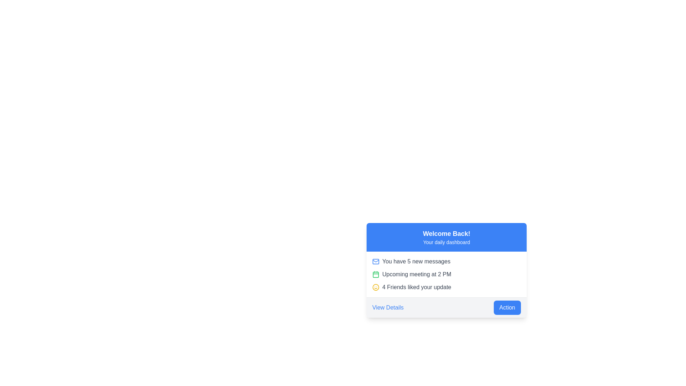 The image size is (686, 386). I want to click on the clickable hyperlink styled as 'View Details' located in the light gray horizontal bar at the bottom of the card, so click(387, 307).